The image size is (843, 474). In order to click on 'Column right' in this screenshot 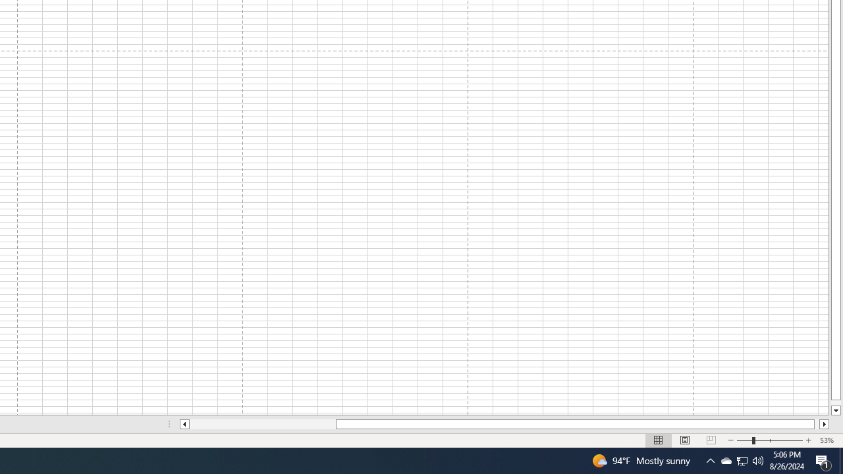, I will do `click(824, 424)`.